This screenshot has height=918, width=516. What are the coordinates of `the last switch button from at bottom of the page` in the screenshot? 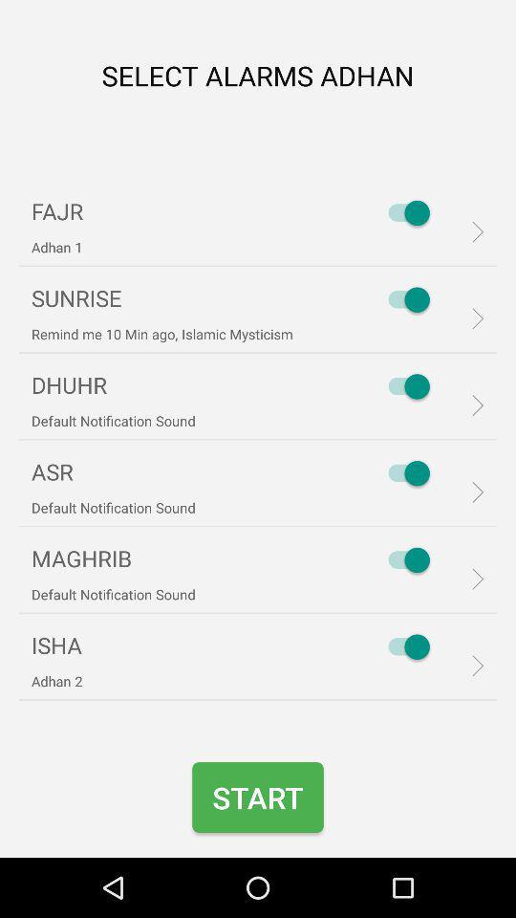 It's located at (403, 646).